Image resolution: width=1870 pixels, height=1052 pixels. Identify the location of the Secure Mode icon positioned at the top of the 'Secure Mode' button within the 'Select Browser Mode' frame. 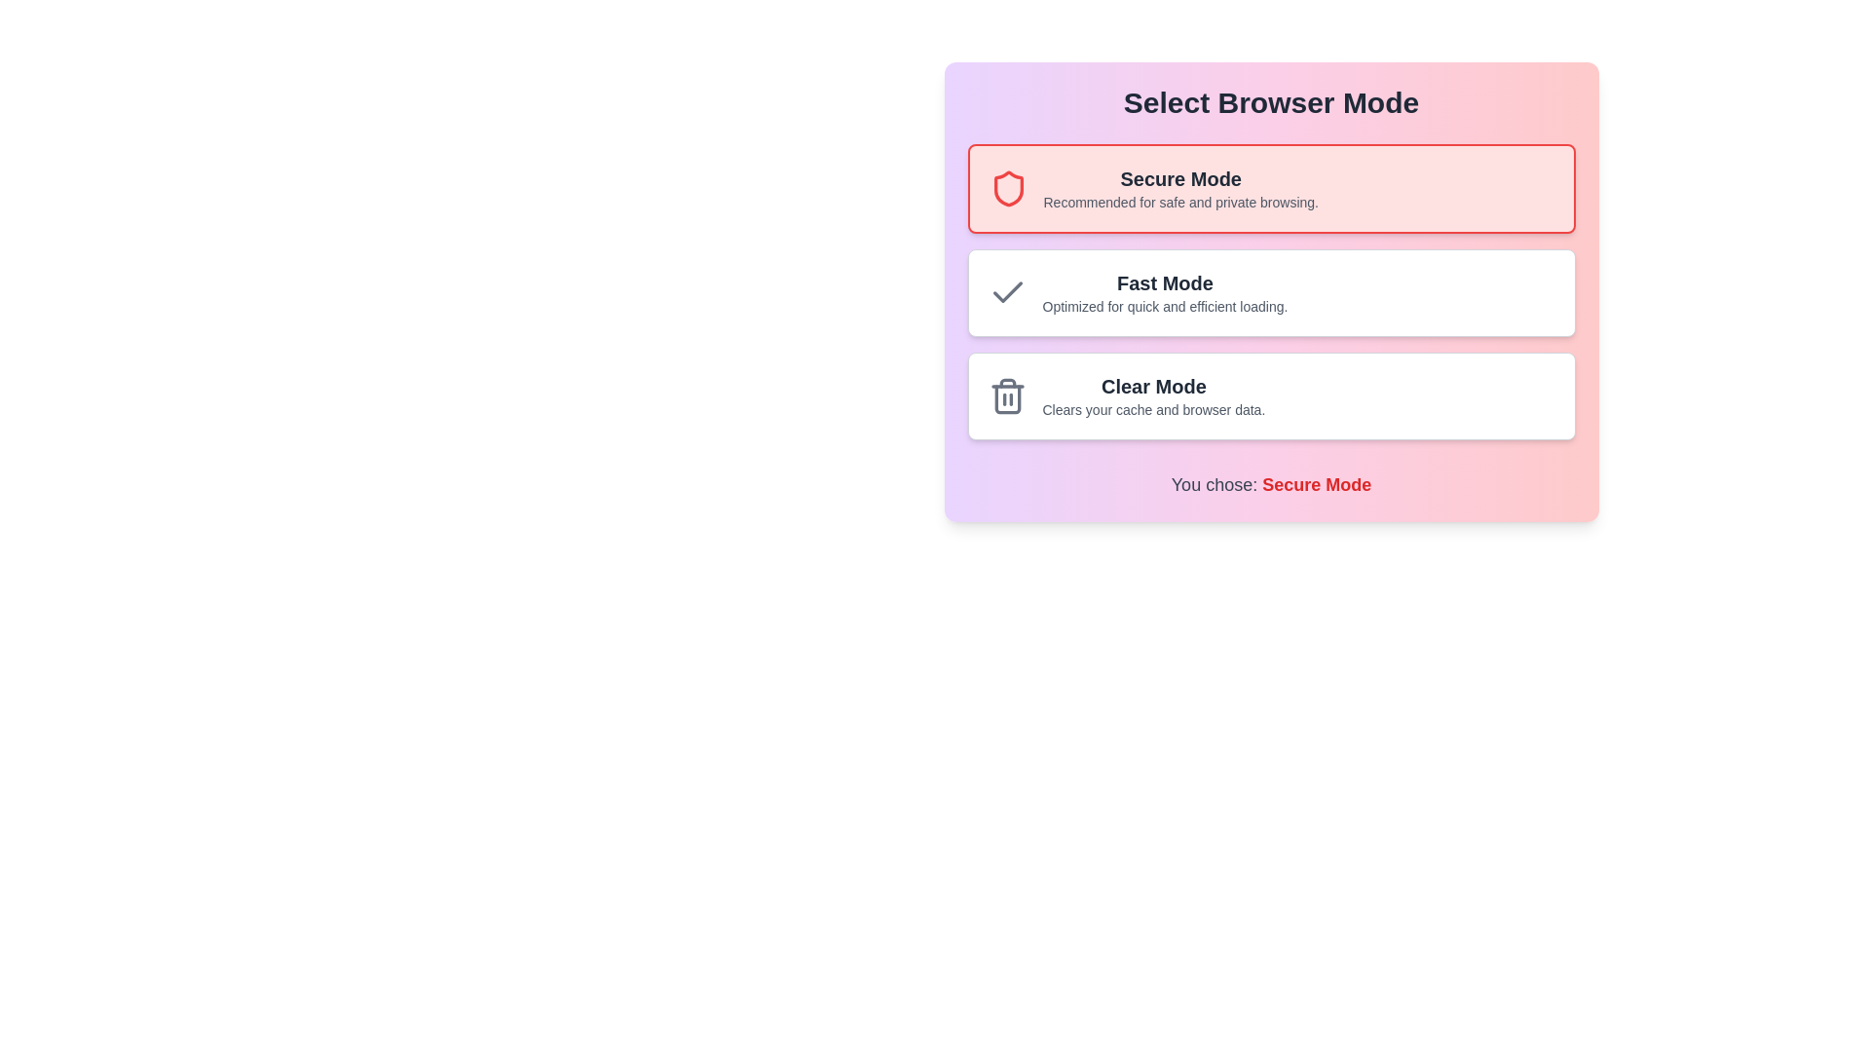
(1008, 188).